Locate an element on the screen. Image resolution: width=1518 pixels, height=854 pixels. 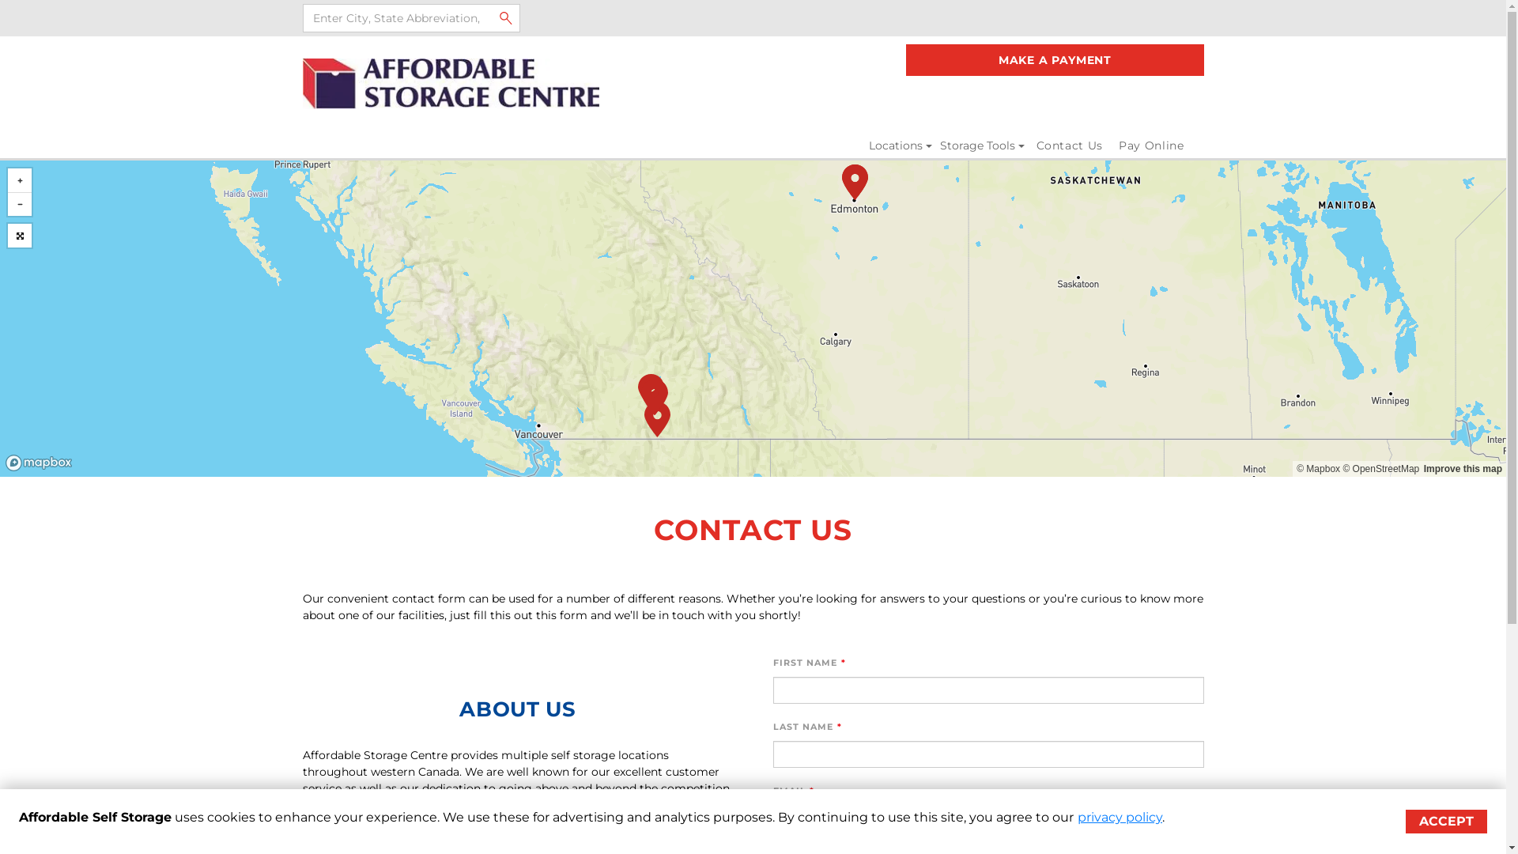
'Toggle fullscreen' is located at coordinates (7, 235).